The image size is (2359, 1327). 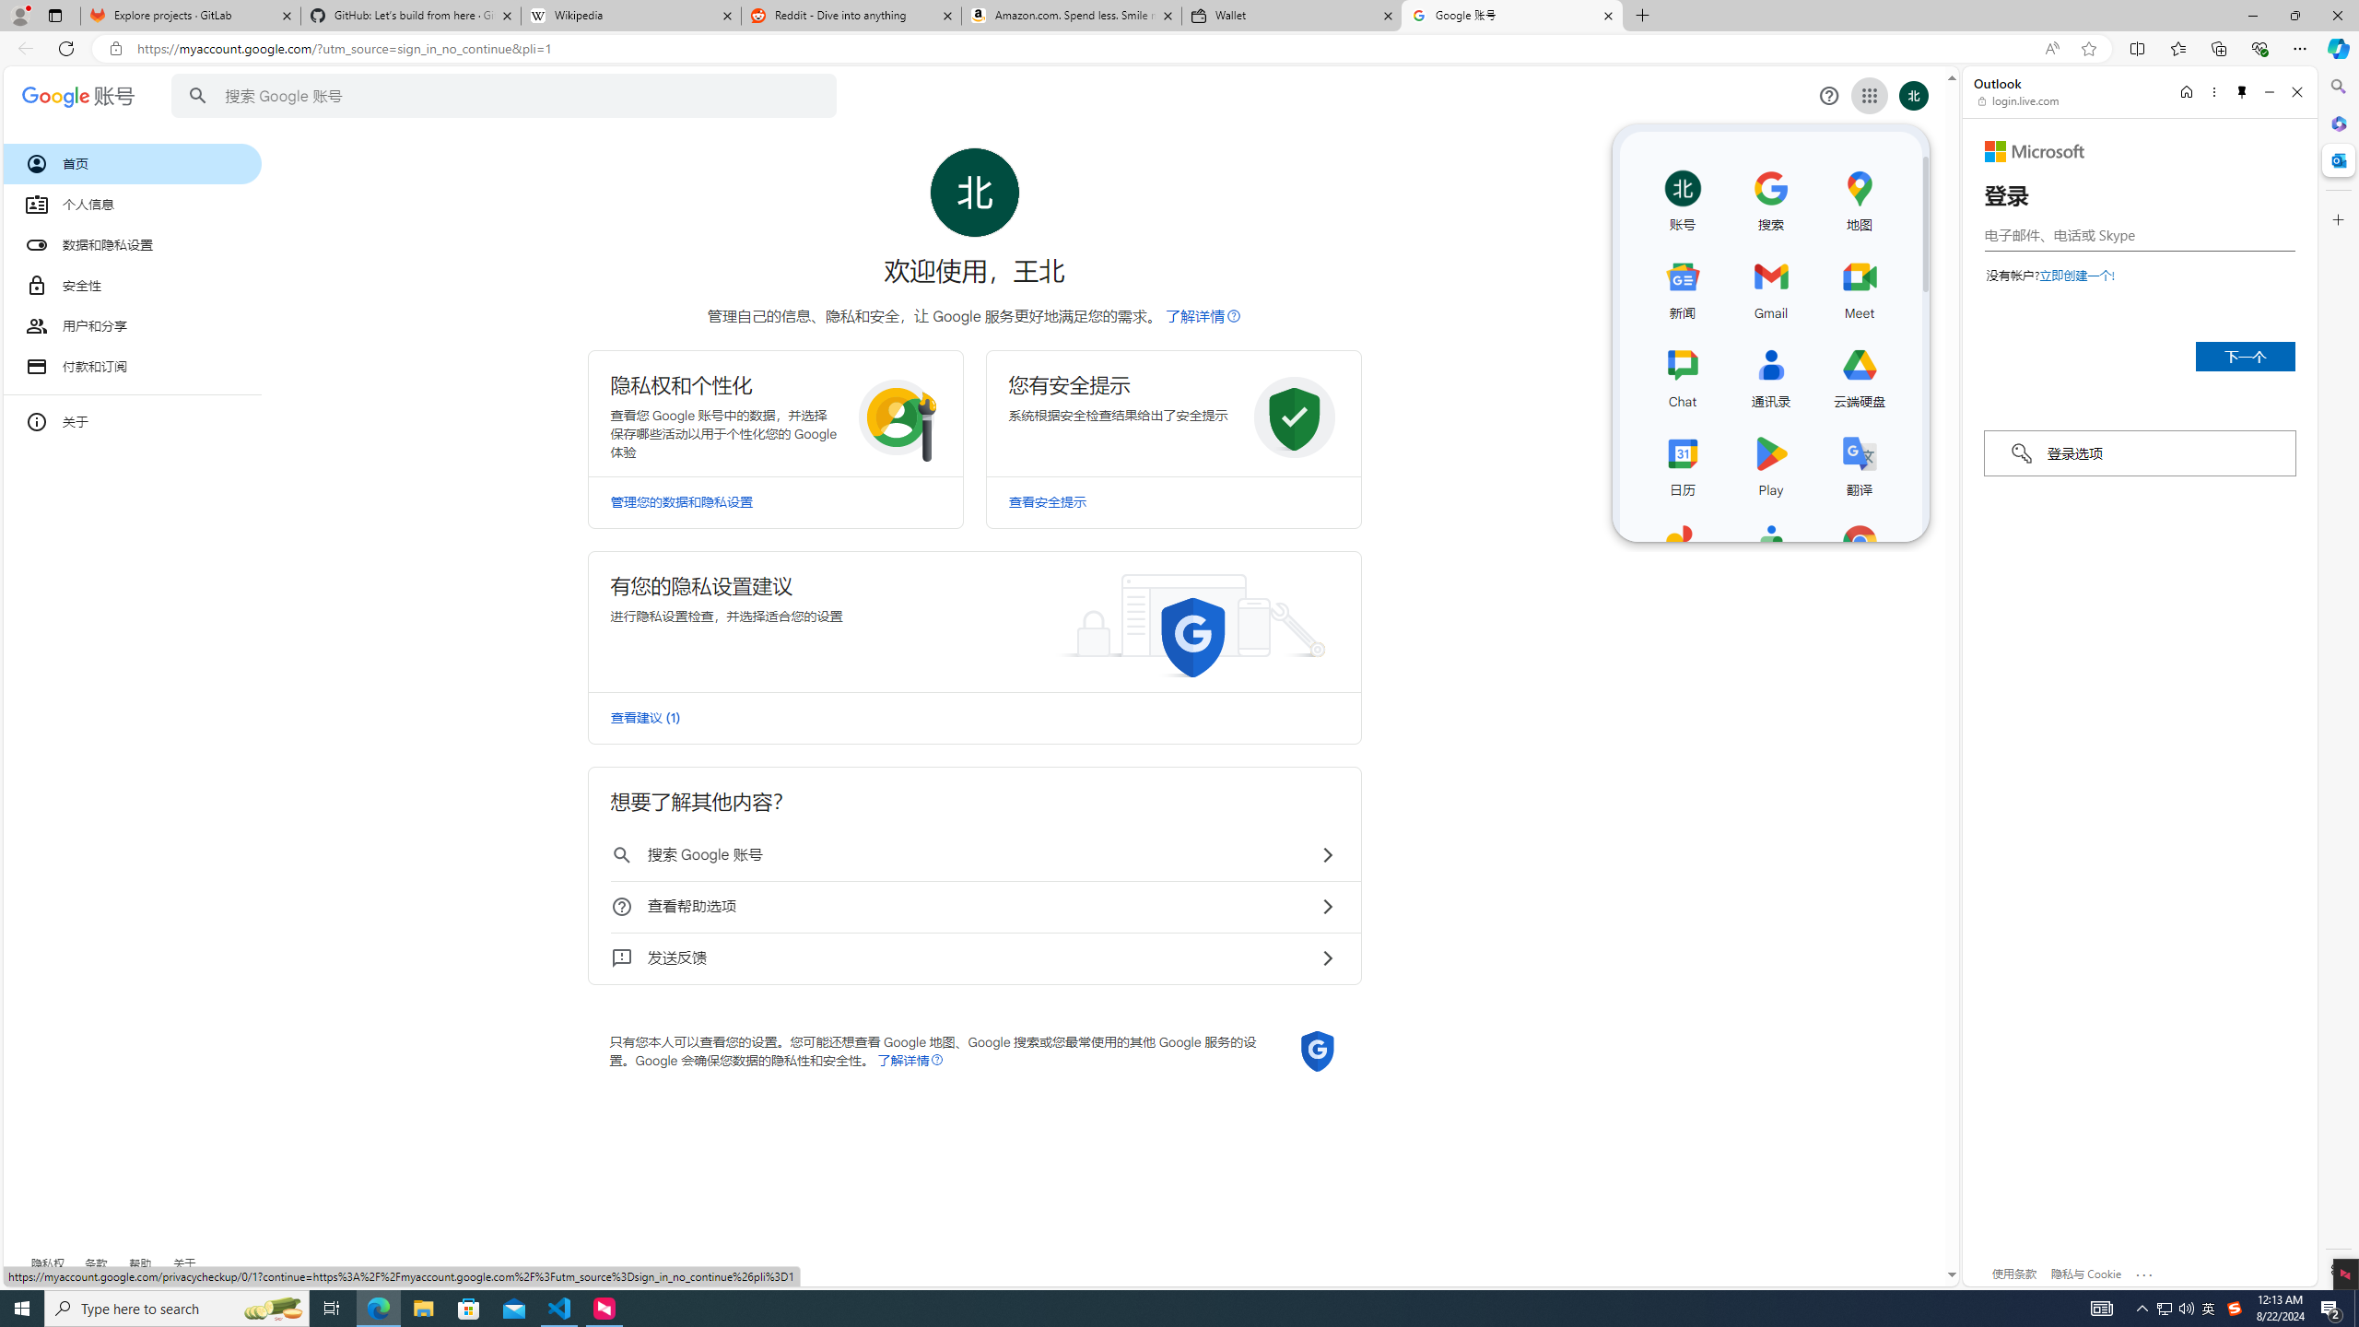 I want to click on 'Class: gb_E', so click(x=1868, y=95).